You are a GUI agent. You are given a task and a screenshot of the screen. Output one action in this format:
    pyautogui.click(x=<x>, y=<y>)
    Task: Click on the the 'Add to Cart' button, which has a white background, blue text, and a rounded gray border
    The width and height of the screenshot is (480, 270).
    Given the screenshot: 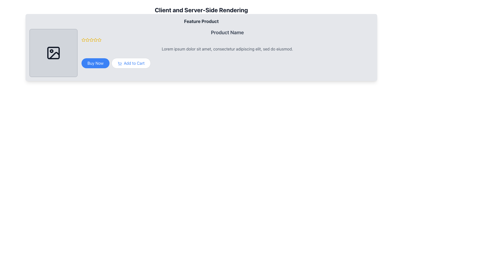 What is the action you would take?
    pyautogui.click(x=131, y=63)
    